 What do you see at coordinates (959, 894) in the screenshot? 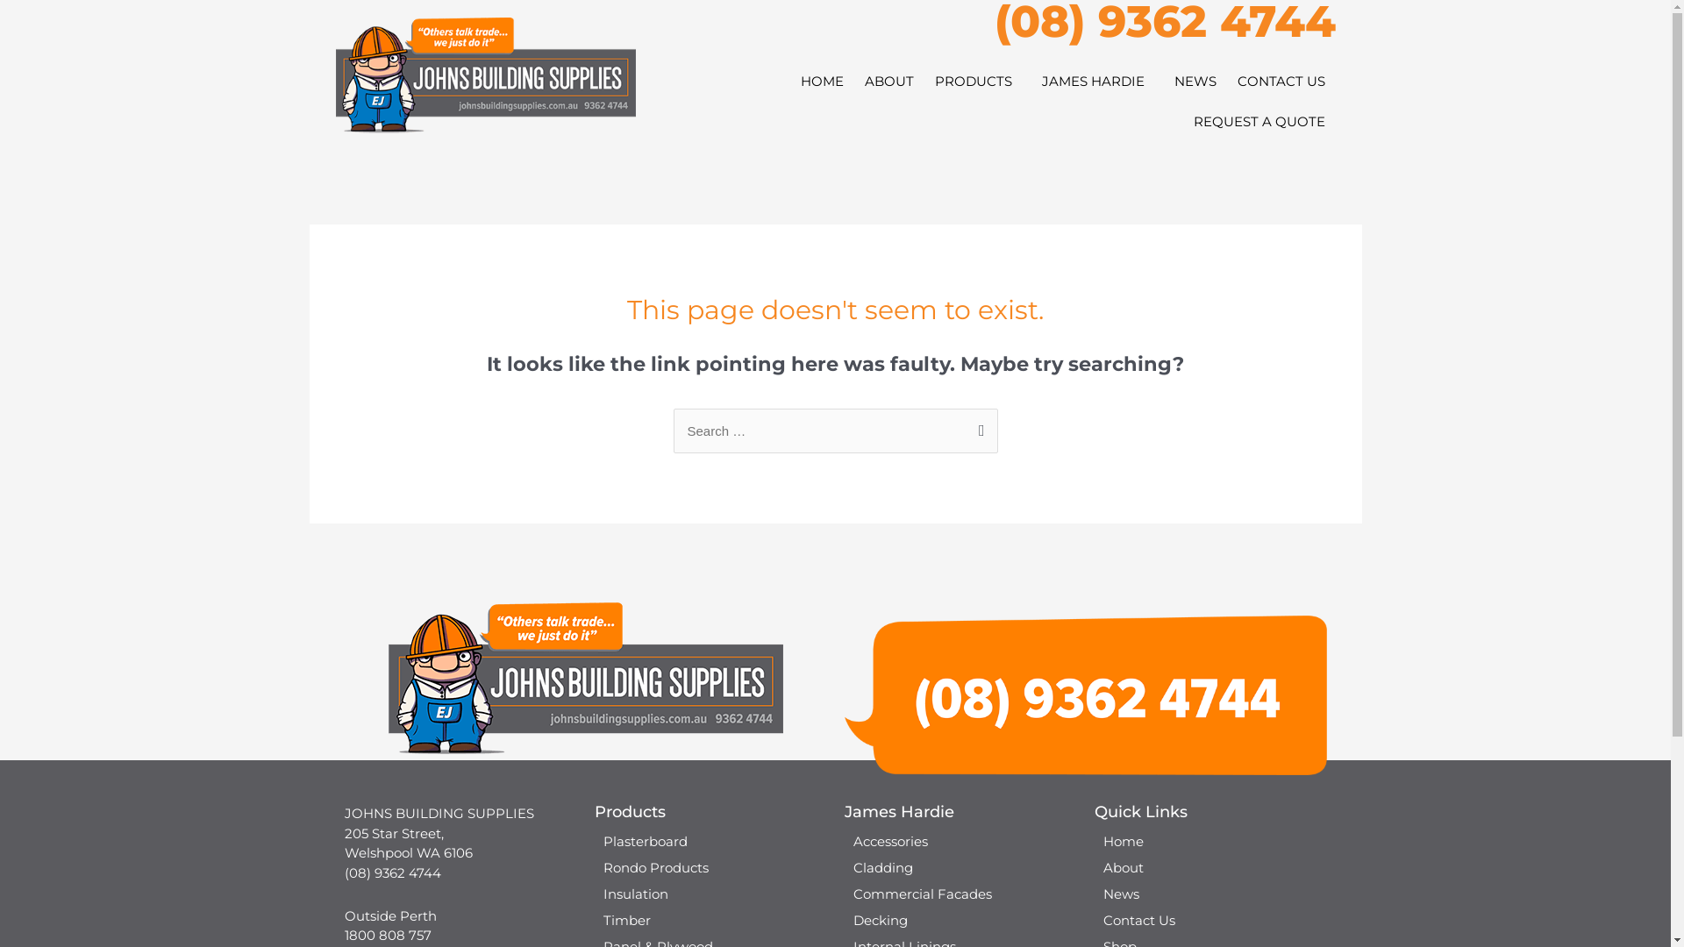
I see `'Commercial Facades'` at bounding box center [959, 894].